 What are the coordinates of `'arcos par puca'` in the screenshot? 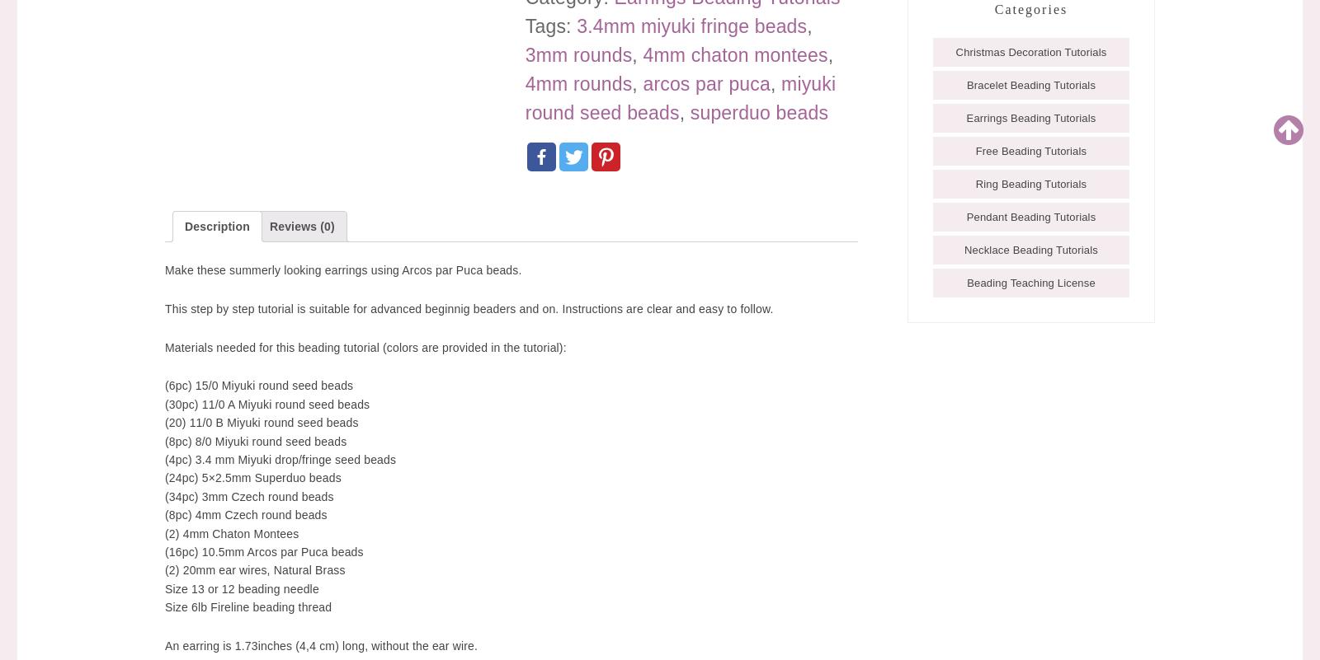 It's located at (705, 83).